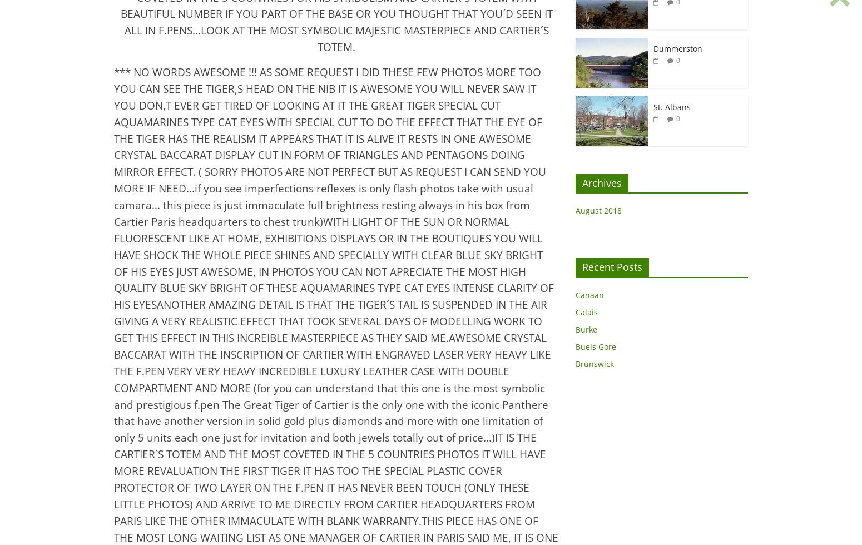 The image size is (862, 545). What do you see at coordinates (586, 312) in the screenshot?
I see `'Calais'` at bounding box center [586, 312].